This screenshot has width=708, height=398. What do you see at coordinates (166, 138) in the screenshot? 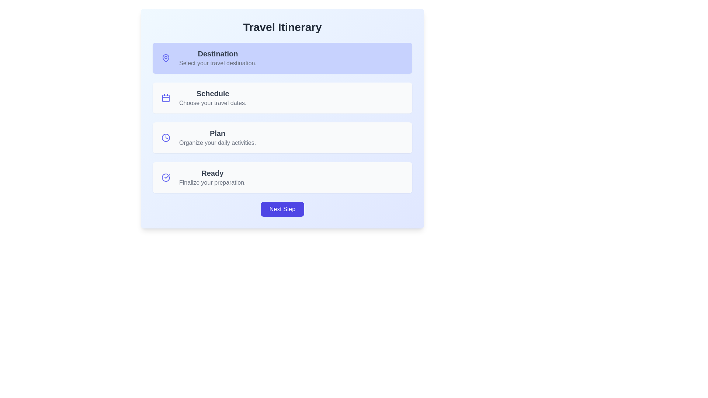
I see `the blue clock icon located in the second card from the top, to the left of the text block displaying 'Plan' and 'Organize your daily activities.'` at bounding box center [166, 138].